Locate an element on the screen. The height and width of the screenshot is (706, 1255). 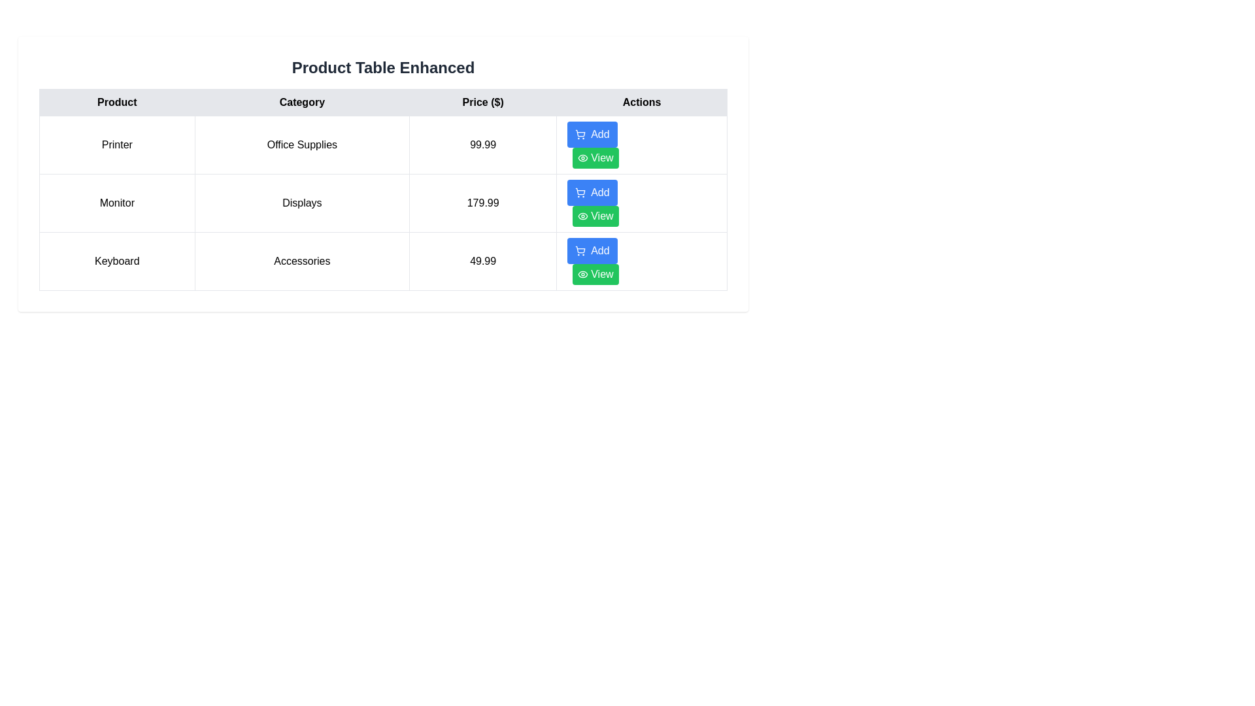
the third row of the product table that displays details and interactive options for adding items to the cart or viewing their details is located at coordinates (382, 261).